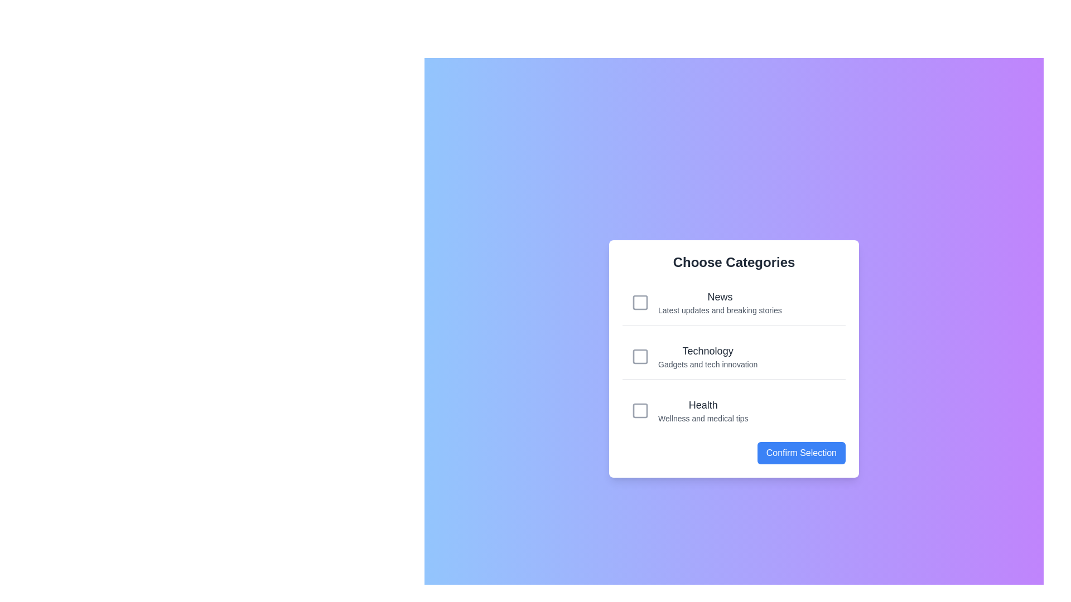 This screenshot has width=1071, height=602. What do you see at coordinates (734, 357) in the screenshot?
I see `the category Technology to observe visual feedback` at bounding box center [734, 357].